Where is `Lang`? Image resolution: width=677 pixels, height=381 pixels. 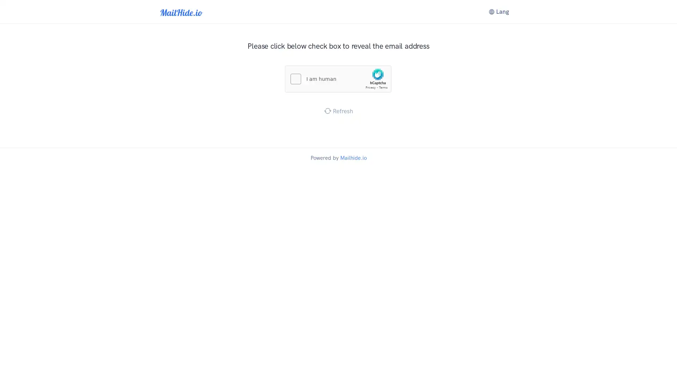 Lang is located at coordinates (499, 12).